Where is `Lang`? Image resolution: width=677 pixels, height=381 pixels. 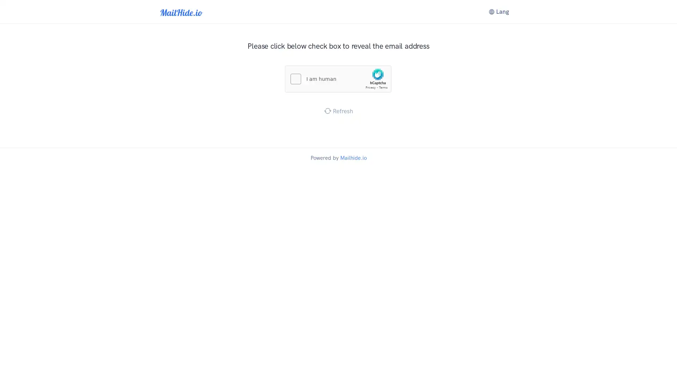 Lang is located at coordinates (499, 12).